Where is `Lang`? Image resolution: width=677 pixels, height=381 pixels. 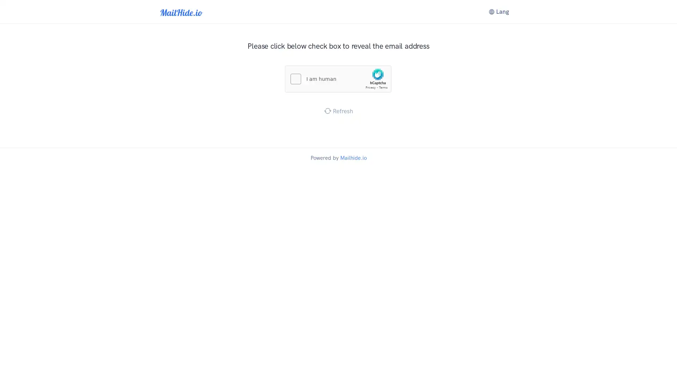 Lang is located at coordinates (499, 12).